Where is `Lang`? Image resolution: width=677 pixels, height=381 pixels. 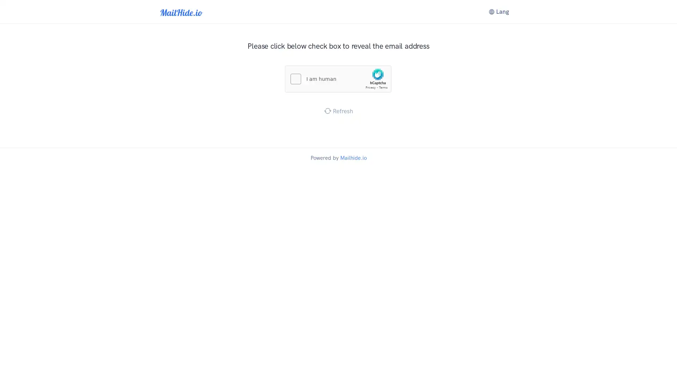 Lang is located at coordinates (499, 12).